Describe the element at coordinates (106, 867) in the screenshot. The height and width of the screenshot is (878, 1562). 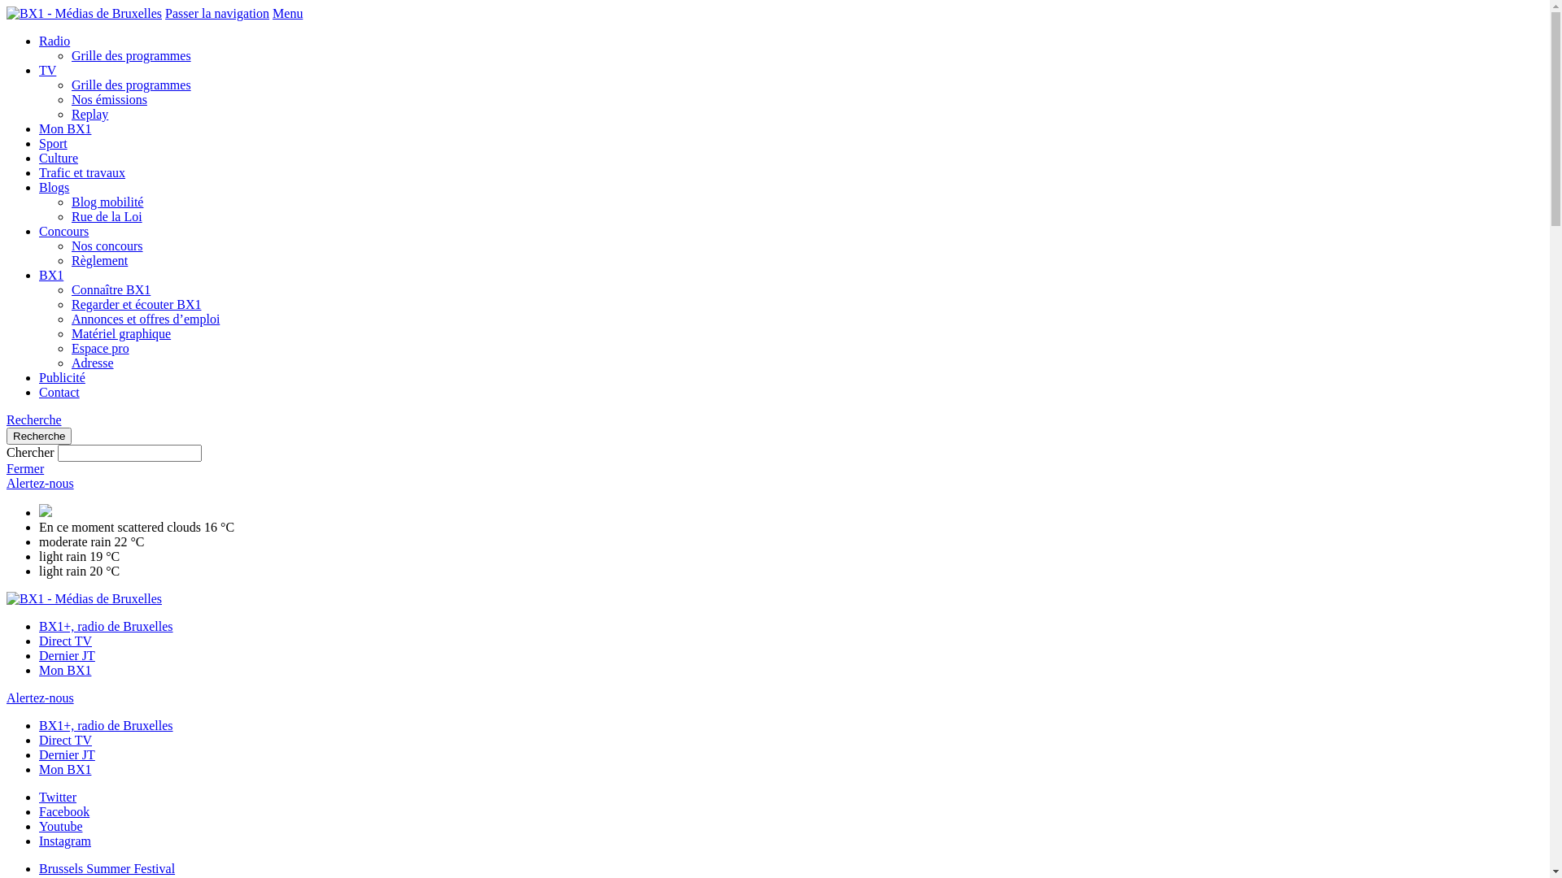
I see `'Brussels Summer Festival'` at that location.